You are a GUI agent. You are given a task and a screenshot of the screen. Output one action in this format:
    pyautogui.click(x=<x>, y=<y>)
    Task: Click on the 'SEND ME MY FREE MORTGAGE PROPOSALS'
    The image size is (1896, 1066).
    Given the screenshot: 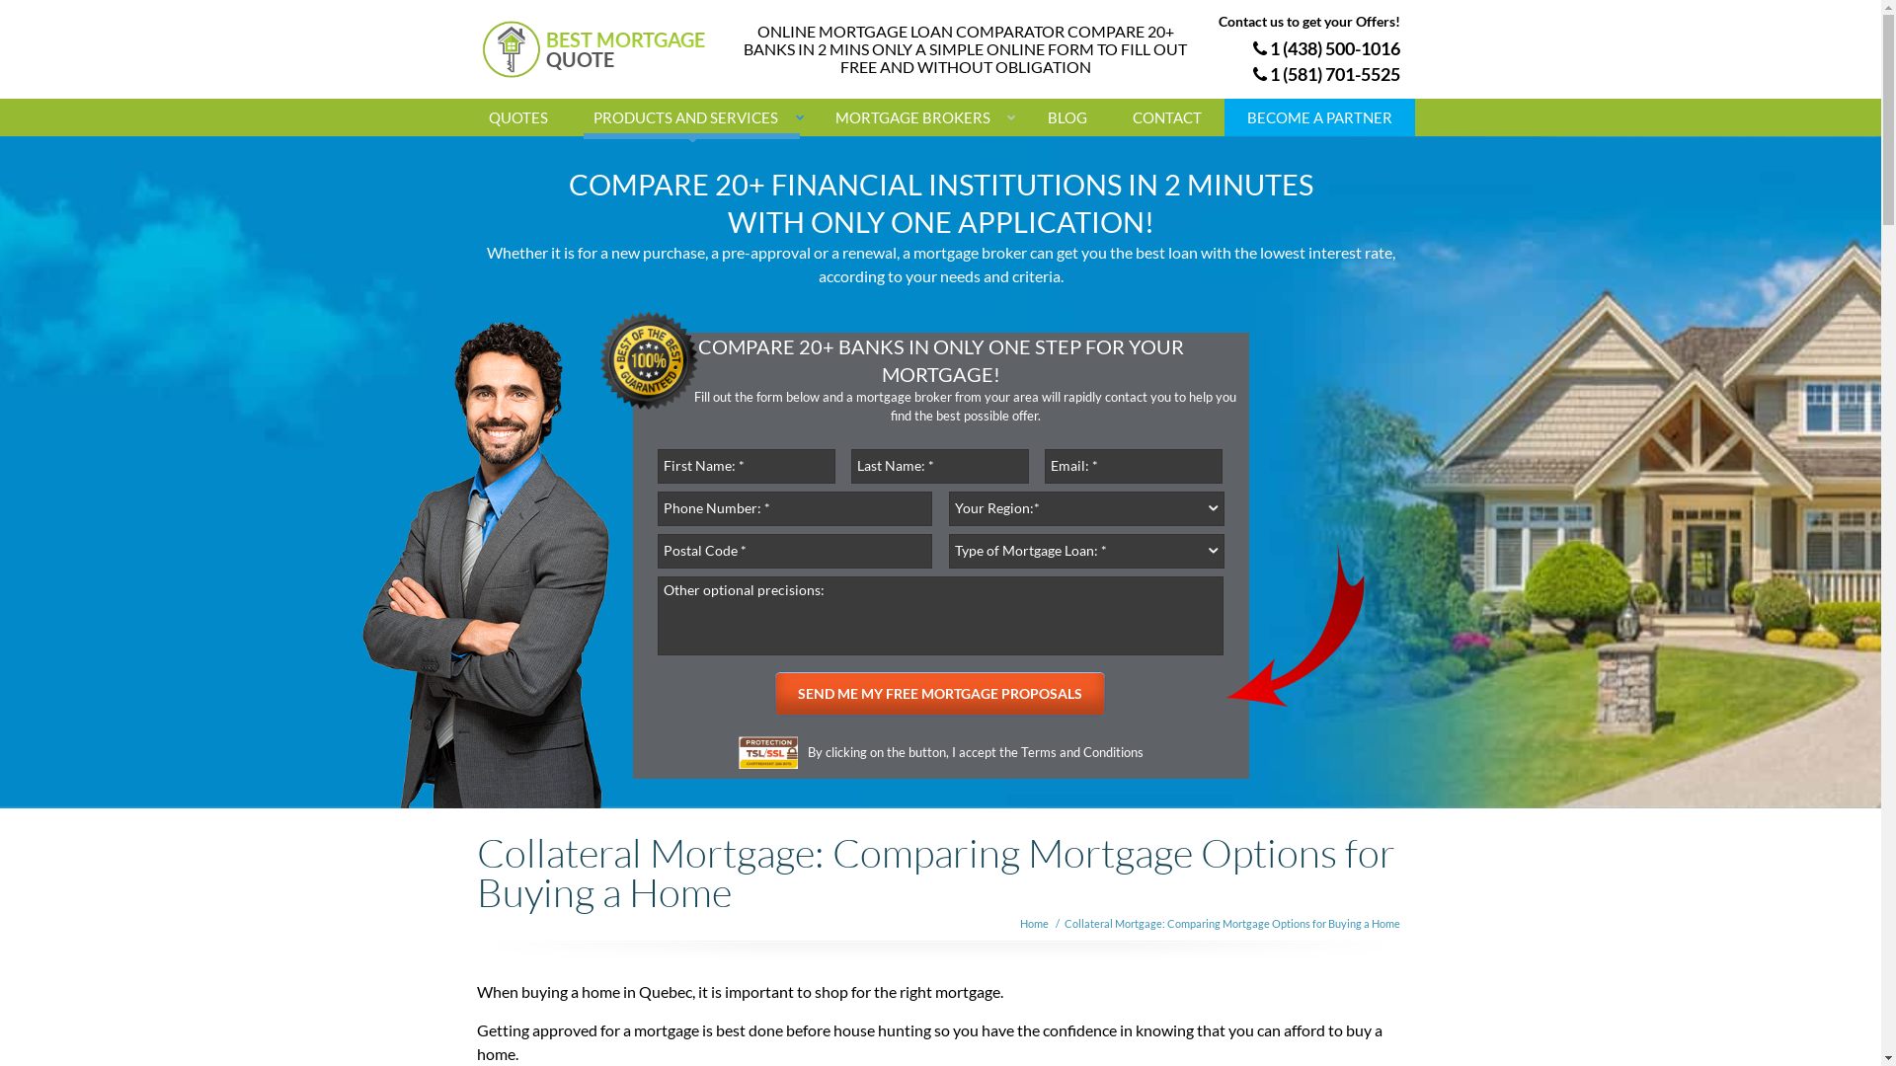 What is the action you would take?
    pyautogui.click(x=938, y=692)
    